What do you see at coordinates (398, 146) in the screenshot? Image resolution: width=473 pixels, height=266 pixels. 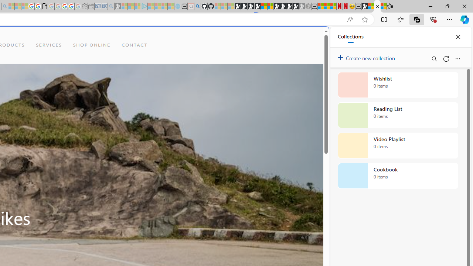 I see `'Video Playlist collection, 0 items'` at bounding box center [398, 146].